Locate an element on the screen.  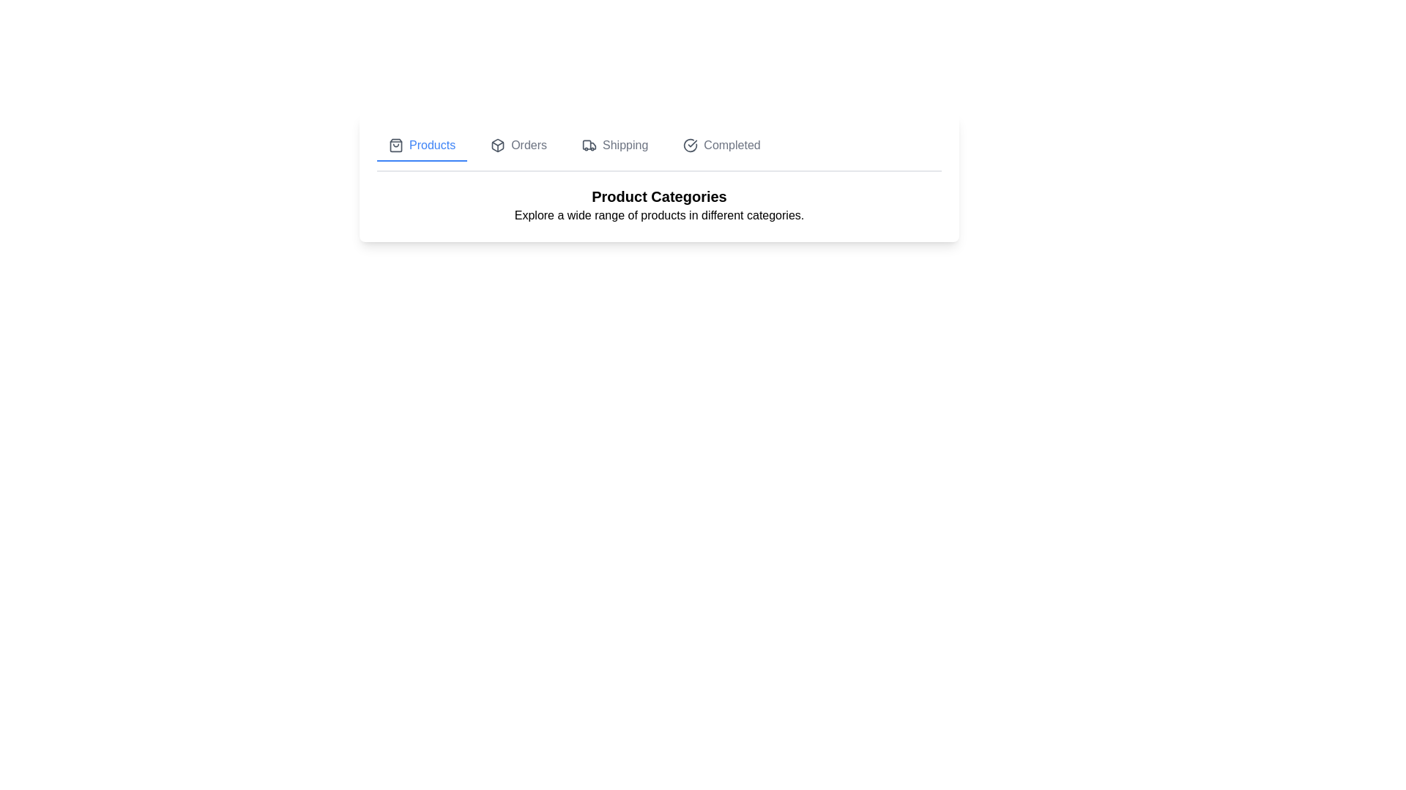
the text label displaying 'Completed', located to the right of the circular check-mark icon in the horizontal navigation bar is located at coordinates (732, 146).